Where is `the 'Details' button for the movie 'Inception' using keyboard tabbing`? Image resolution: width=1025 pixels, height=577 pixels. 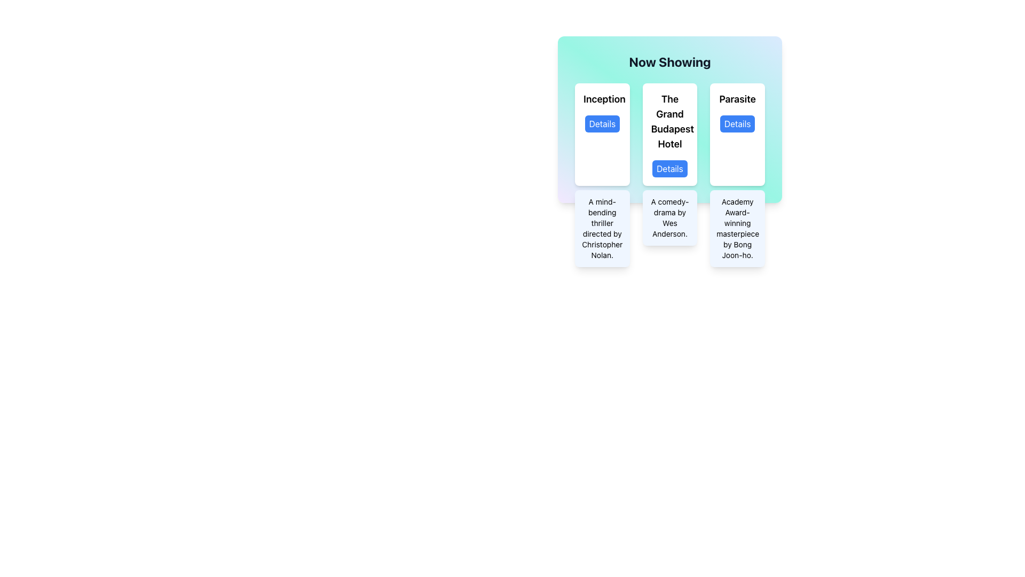
the 'Details' button for the movie 'Inception' using keyboard tabbing is located at coordinates (602, 123).